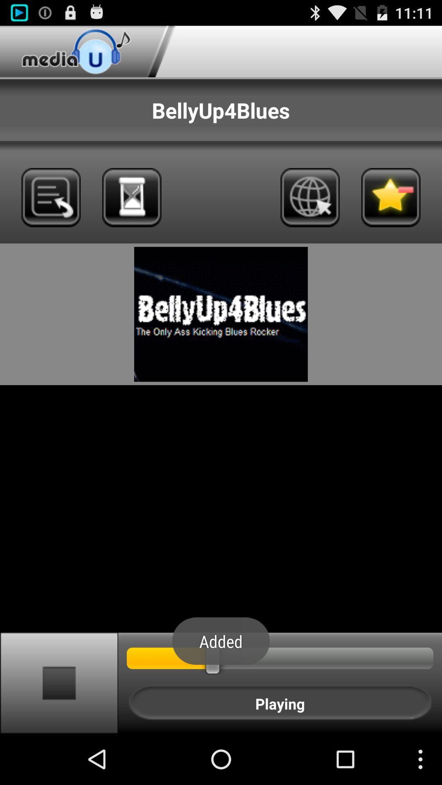 The width and height of the screenshot is (442, 785). What do you see at coordinates (59, 682) in the screenshot?
I see `stop option` at bounding box center [59, 682].